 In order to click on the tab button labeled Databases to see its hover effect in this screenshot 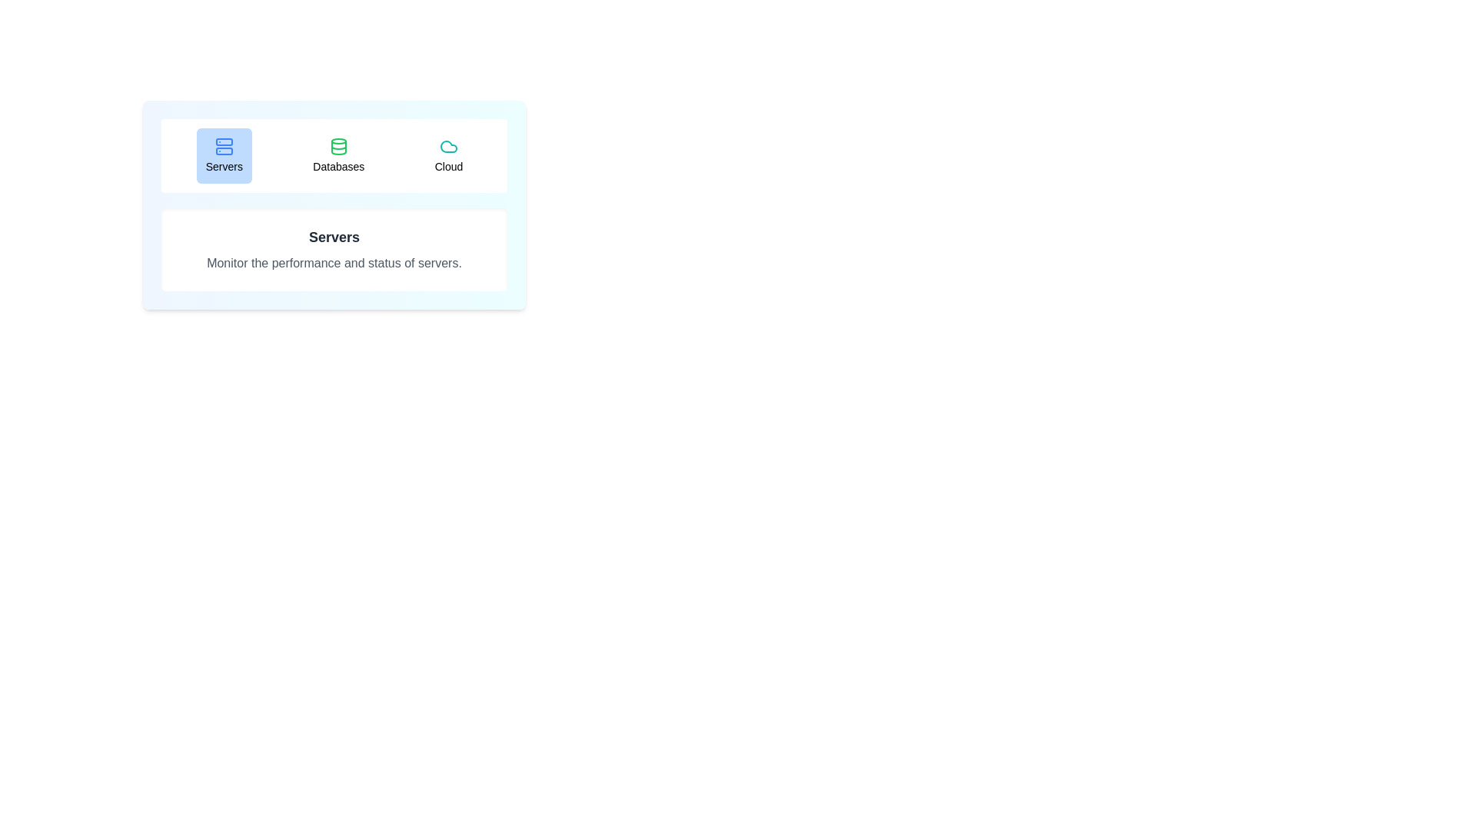, I will do `click(337, 156)`.